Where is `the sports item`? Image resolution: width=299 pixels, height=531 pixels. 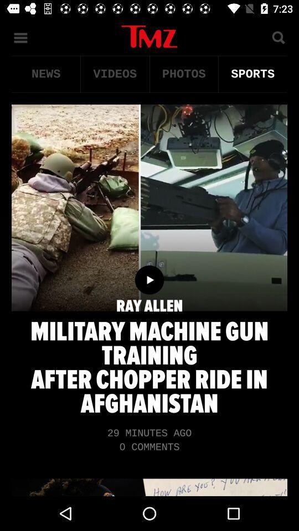
the sports item is located at coordinates (252, 74).